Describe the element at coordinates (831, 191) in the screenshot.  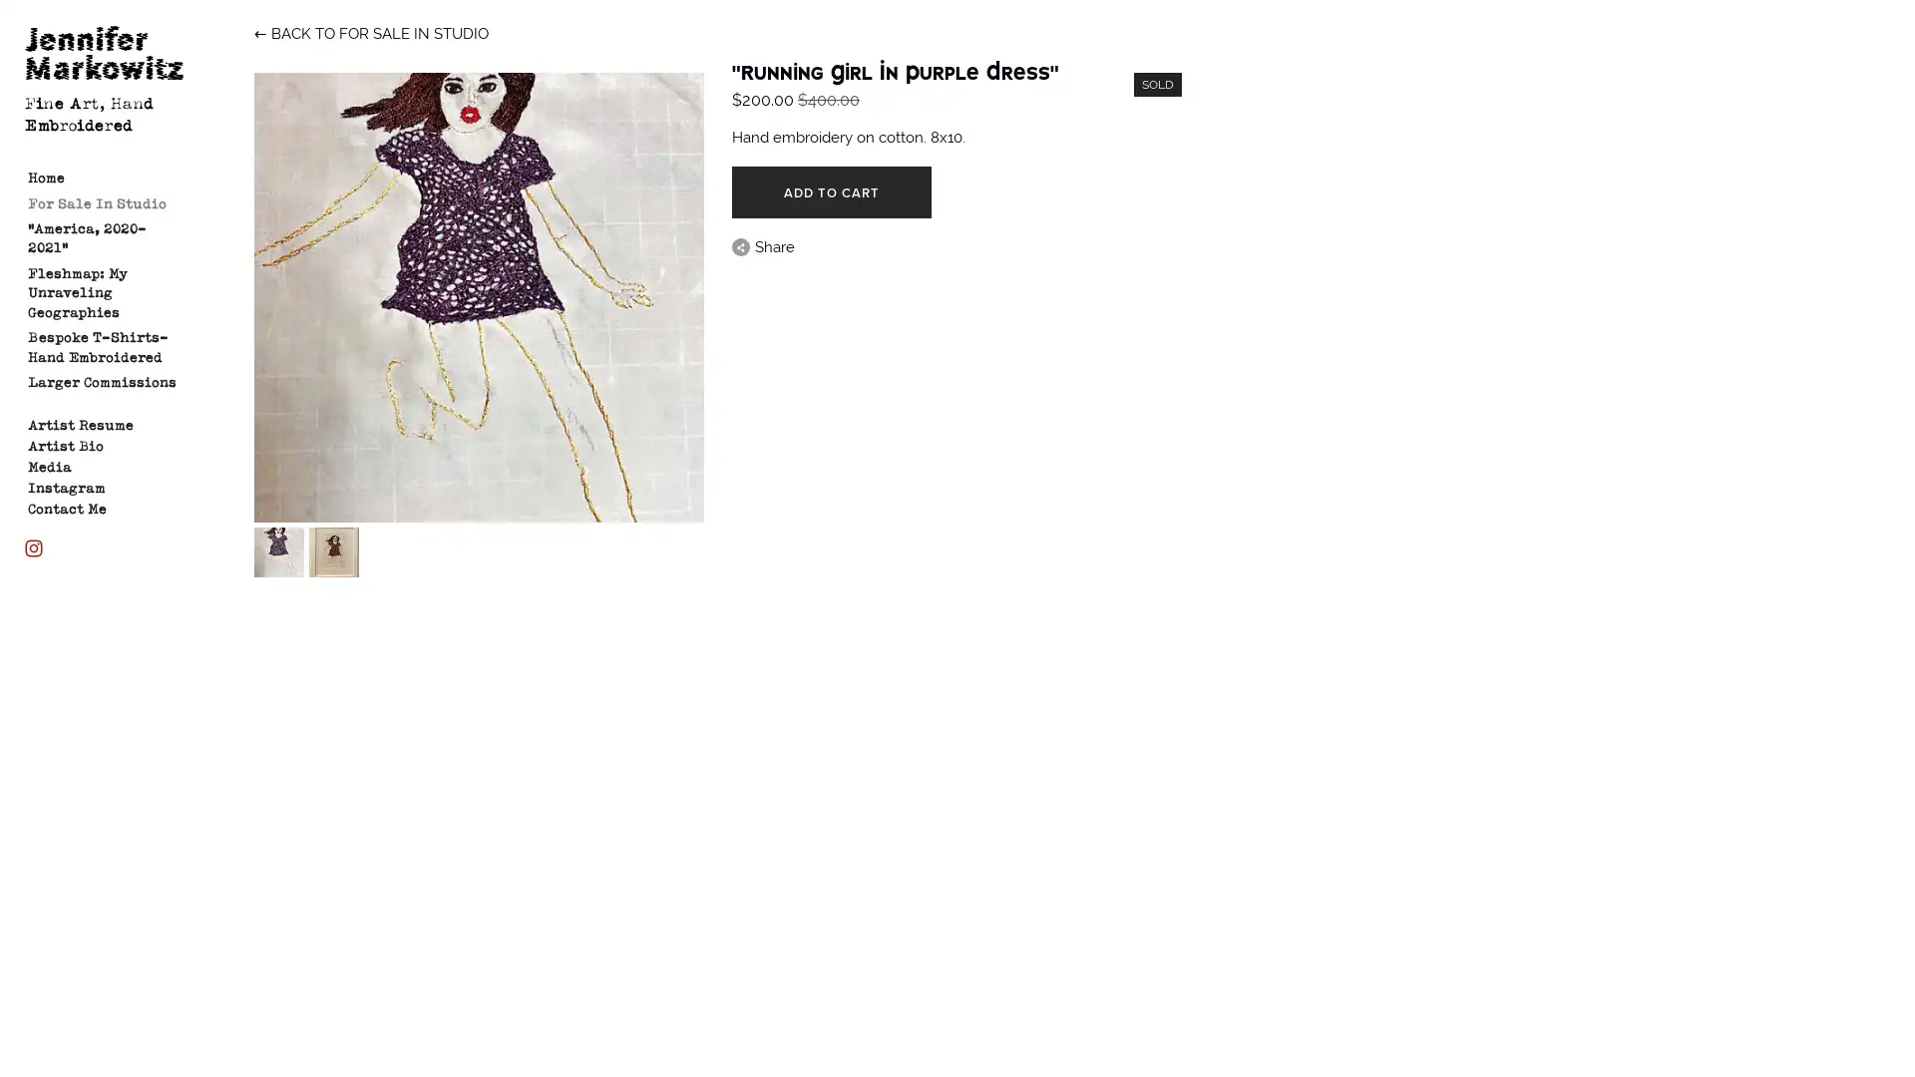
I see `ADD TO CART` at that location.